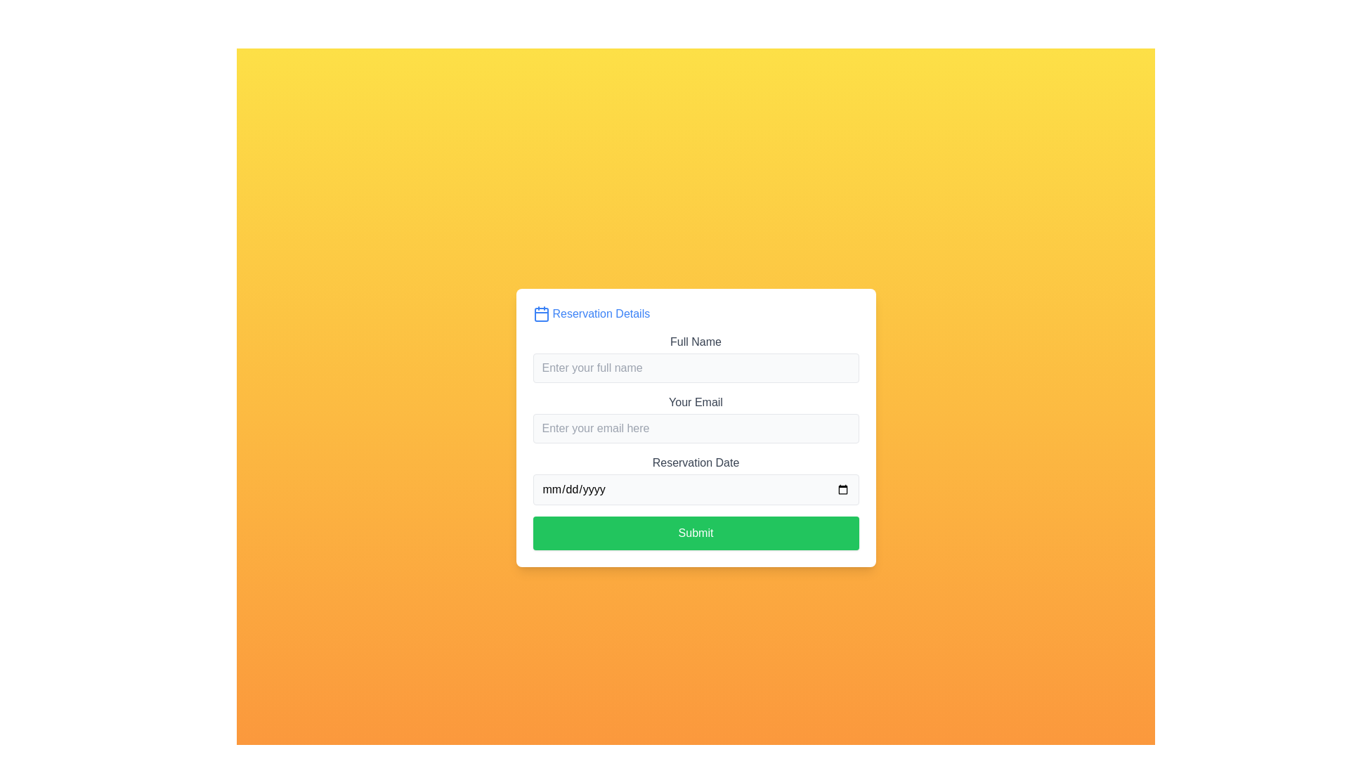 This screenshot has height=759, width=1349. Describe the element at coordinates (696, 313) in the screenshot. I see `header text element with an icon located at the top of the white card, which indicates the purpose of the user inputs below` at that location.